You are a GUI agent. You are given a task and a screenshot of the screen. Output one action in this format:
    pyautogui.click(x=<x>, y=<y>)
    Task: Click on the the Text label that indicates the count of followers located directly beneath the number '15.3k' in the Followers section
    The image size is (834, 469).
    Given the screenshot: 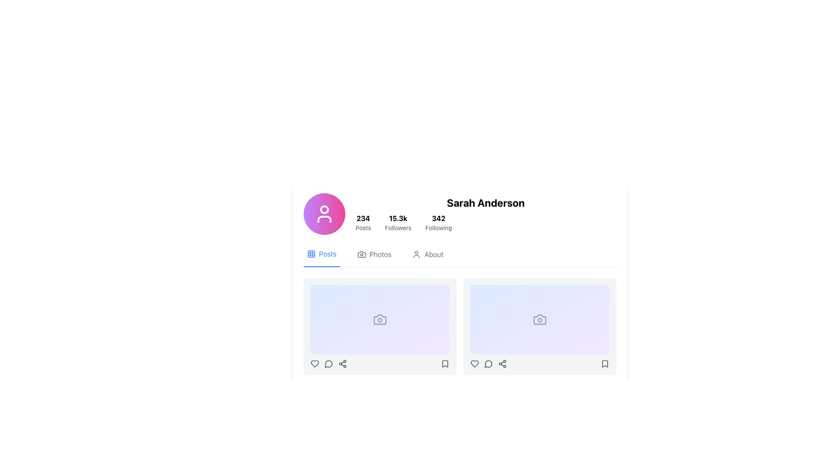 What is the action you would take?
    pyautogui.click(x=397, y=227)
    